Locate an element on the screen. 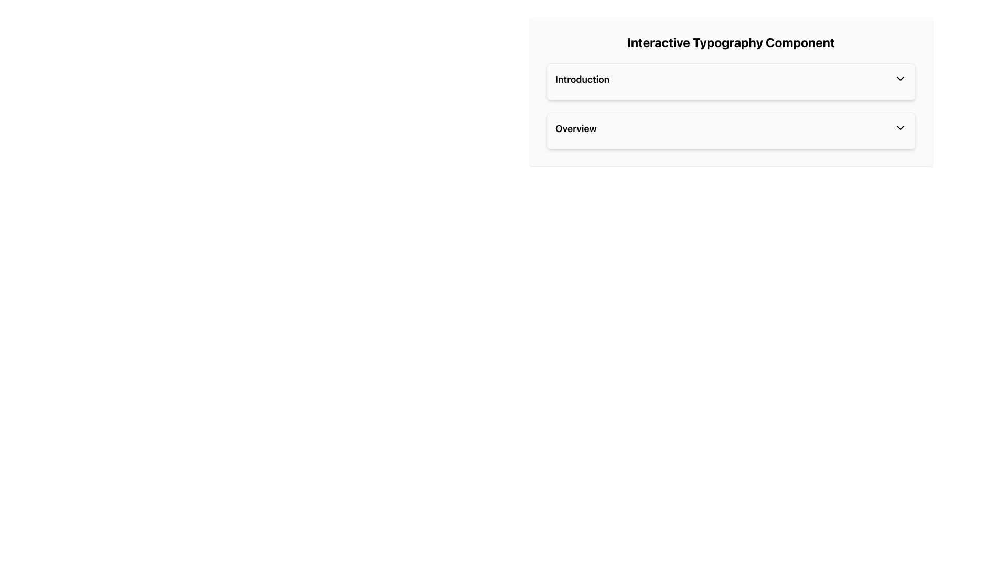 The image size is (1007, 566). the Chevron Down icon located at the far right of the 'Introduction' collapsible section header is located at coordinates (900, 78).